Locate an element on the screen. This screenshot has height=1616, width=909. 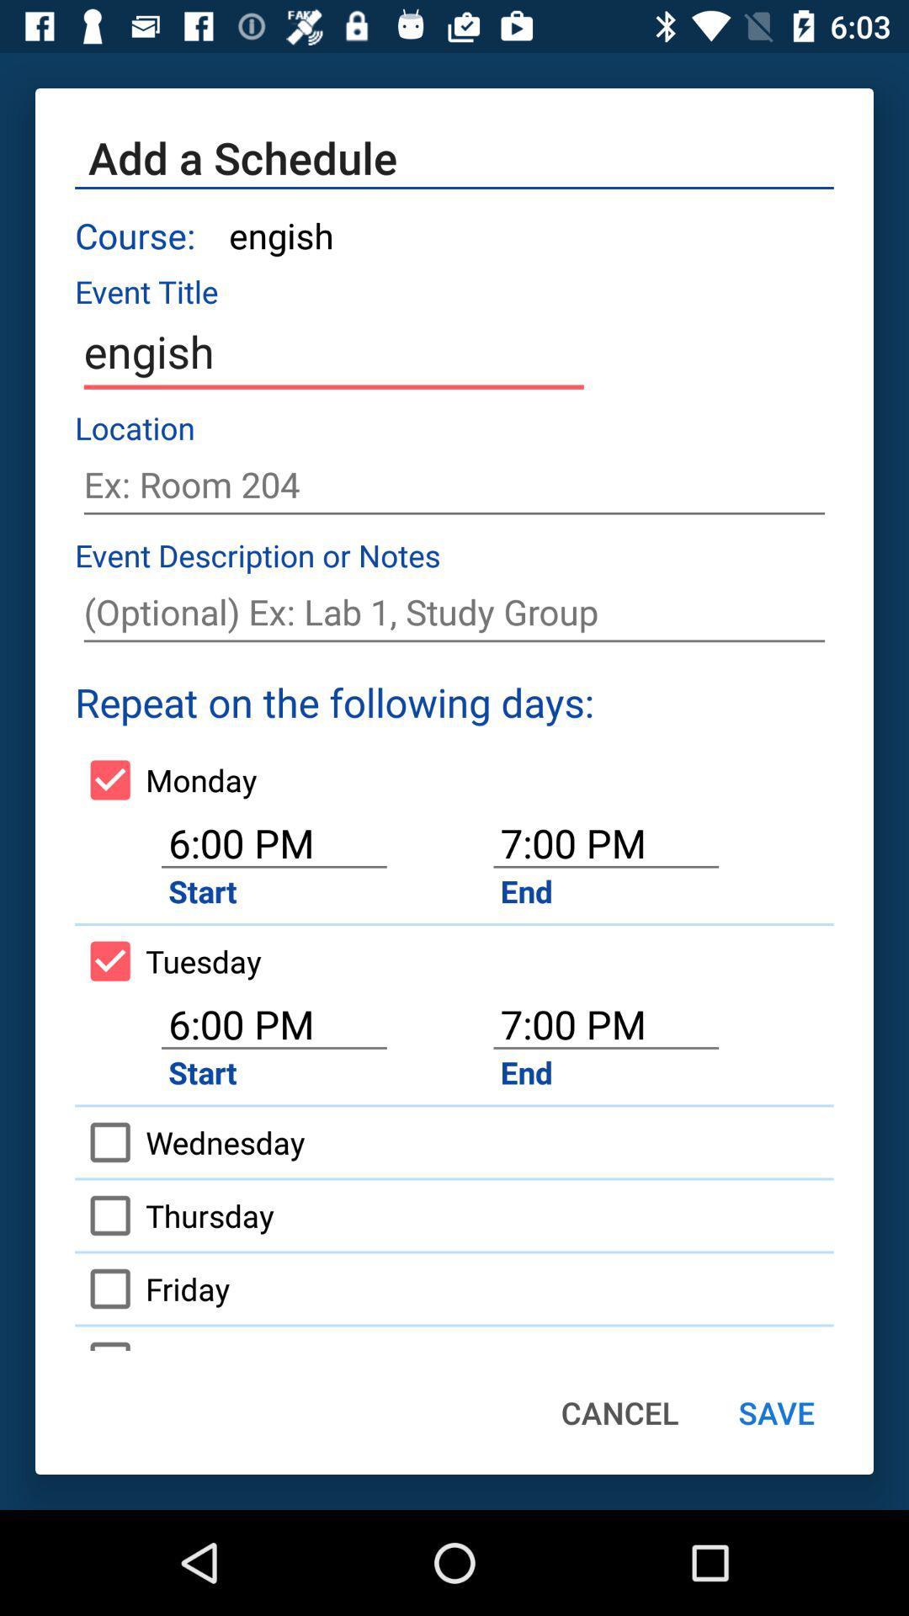
event notes is located at coordinates (454, 611).